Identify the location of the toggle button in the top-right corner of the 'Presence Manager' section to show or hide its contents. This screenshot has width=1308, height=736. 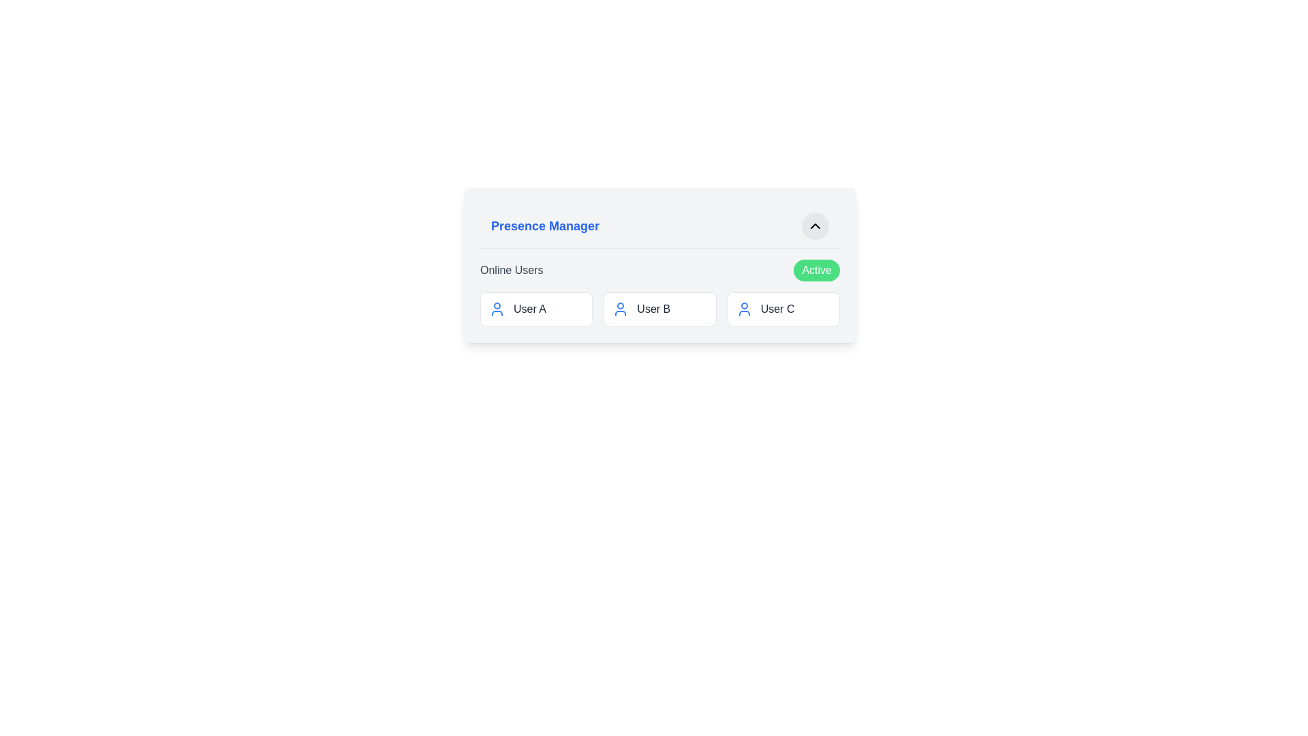
(815, 225).